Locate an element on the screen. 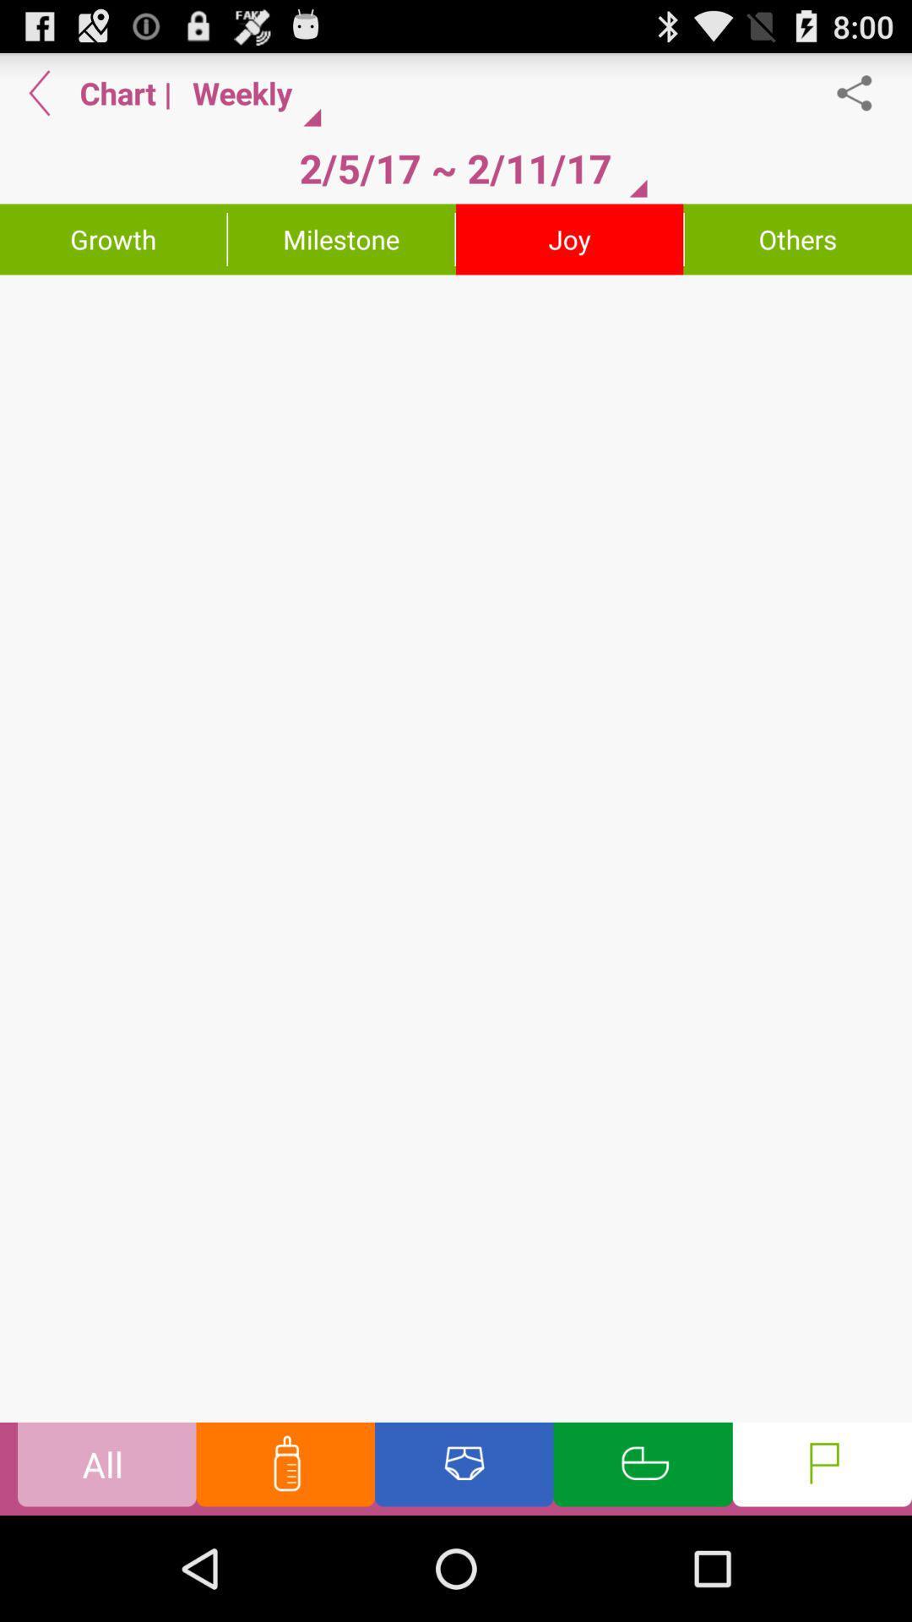 The height and width of the screenshot is (1622, 912). open diaper tab is located at coordinates (464, 1467).